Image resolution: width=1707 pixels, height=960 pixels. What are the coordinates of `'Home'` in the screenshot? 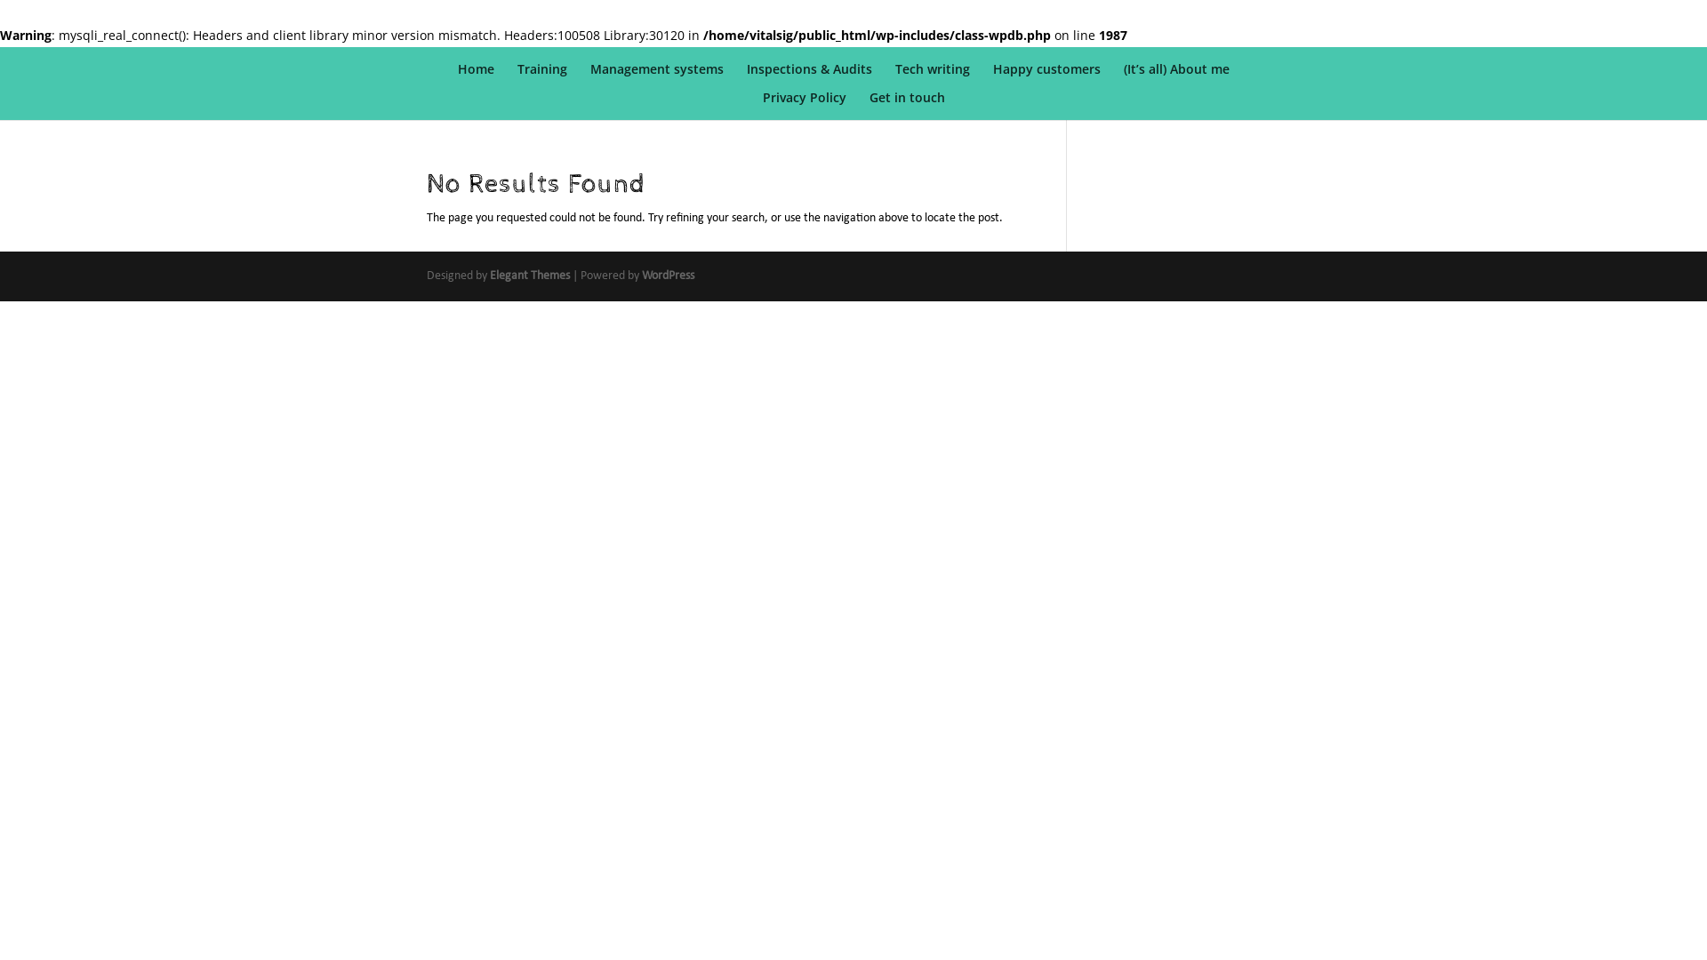 It's located at (476, 76).